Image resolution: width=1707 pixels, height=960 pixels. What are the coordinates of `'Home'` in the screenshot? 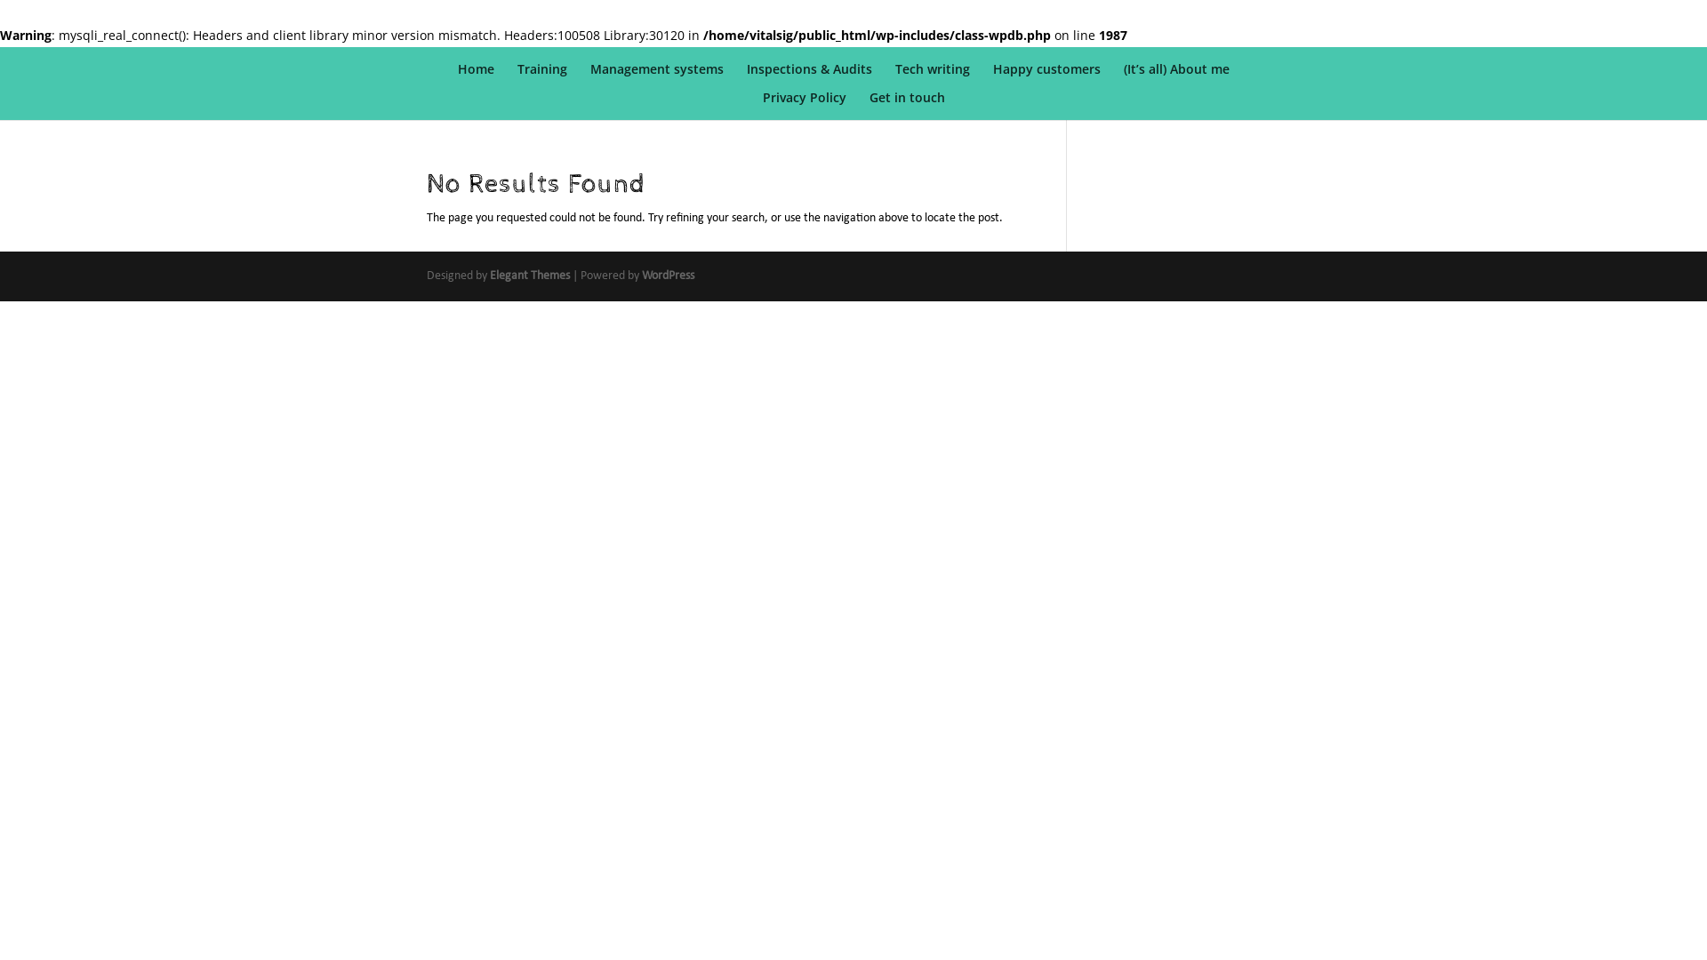 It's located at (476, 76).